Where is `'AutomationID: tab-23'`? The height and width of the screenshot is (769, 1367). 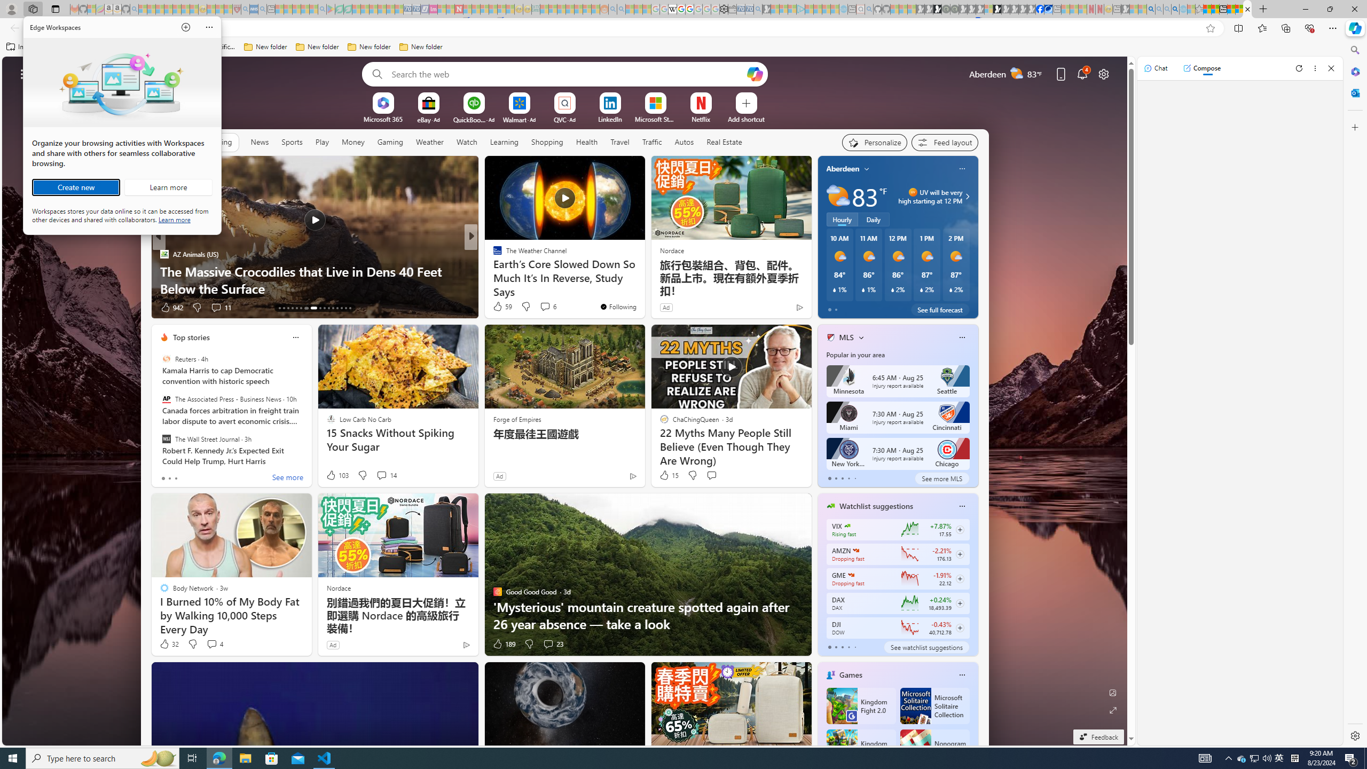 'AutomationID: tab-23' is located at coordinates (328, 308).